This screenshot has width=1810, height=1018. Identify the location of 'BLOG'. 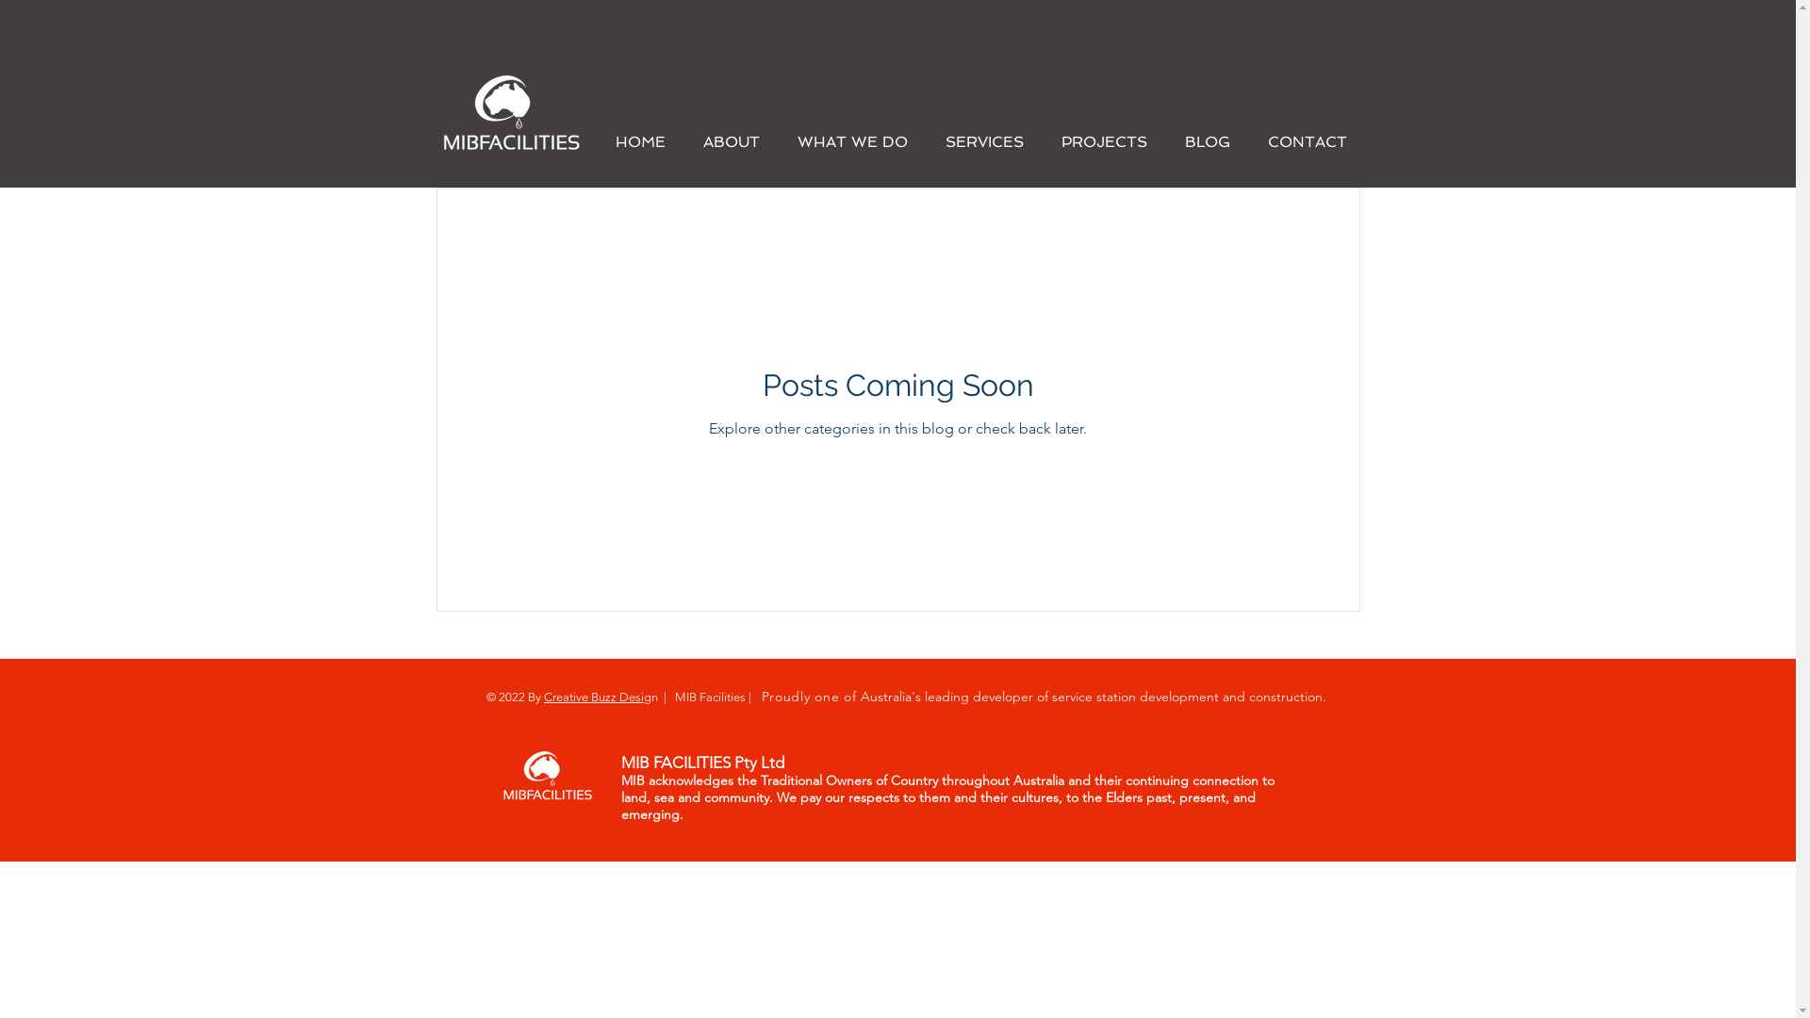
(1207, 140).